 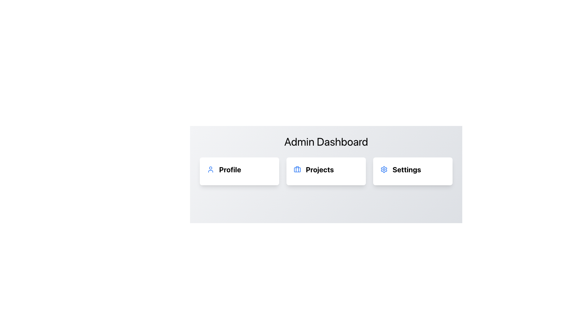 I want to click on the 'Projects' icon located to the left of the 'Projects' text label in the second card of the three horizontally aligned cards, so click(x=297, y=169).